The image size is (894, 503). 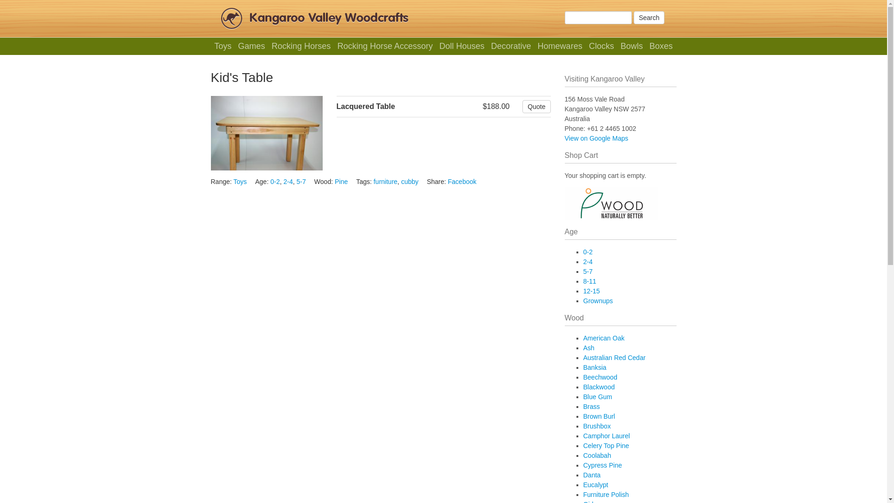 I want to click on 'Ash', so click(x=588, y=348).